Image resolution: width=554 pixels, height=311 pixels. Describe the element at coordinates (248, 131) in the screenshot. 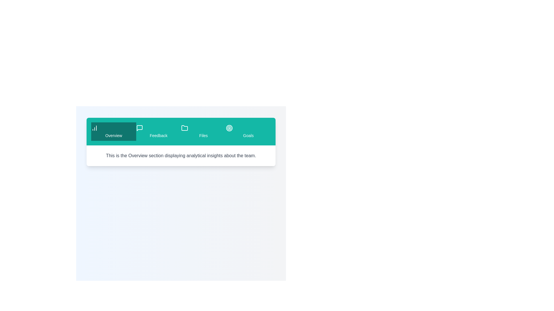

I see `the tab Goals to view its content` at that location.